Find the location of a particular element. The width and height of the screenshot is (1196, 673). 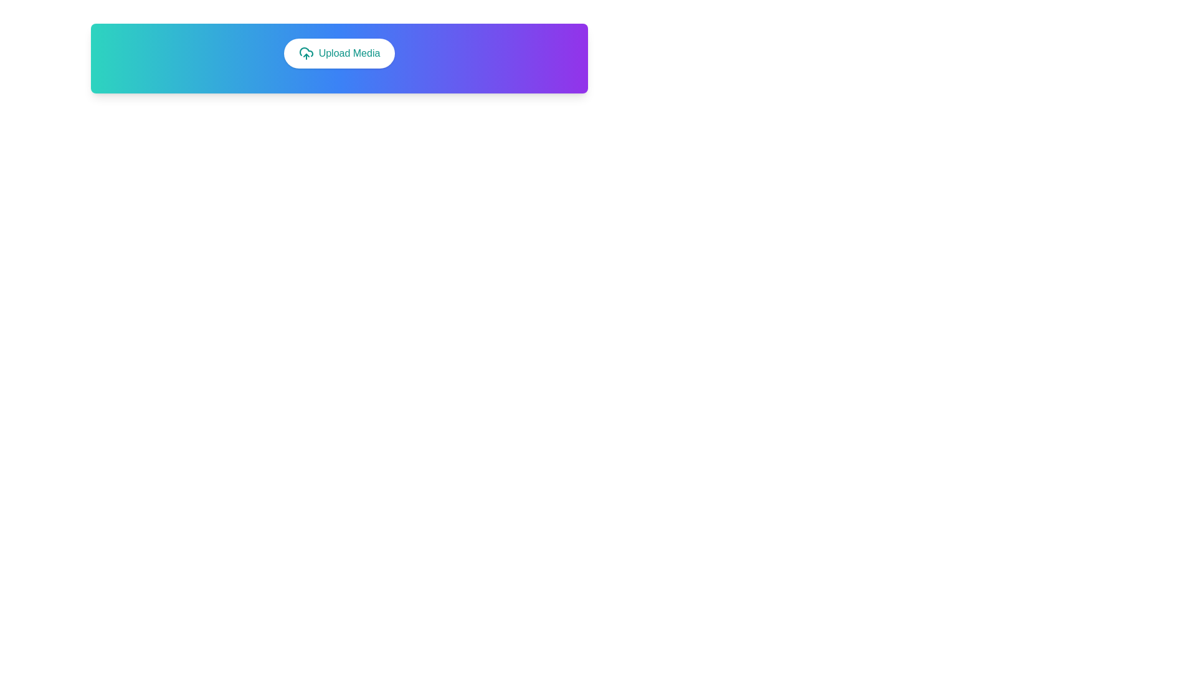

the upload icon located to the left of the 'Upload Media' button, which visually indicates the functionality of uploading files or media is located at coordinates (306, 52).